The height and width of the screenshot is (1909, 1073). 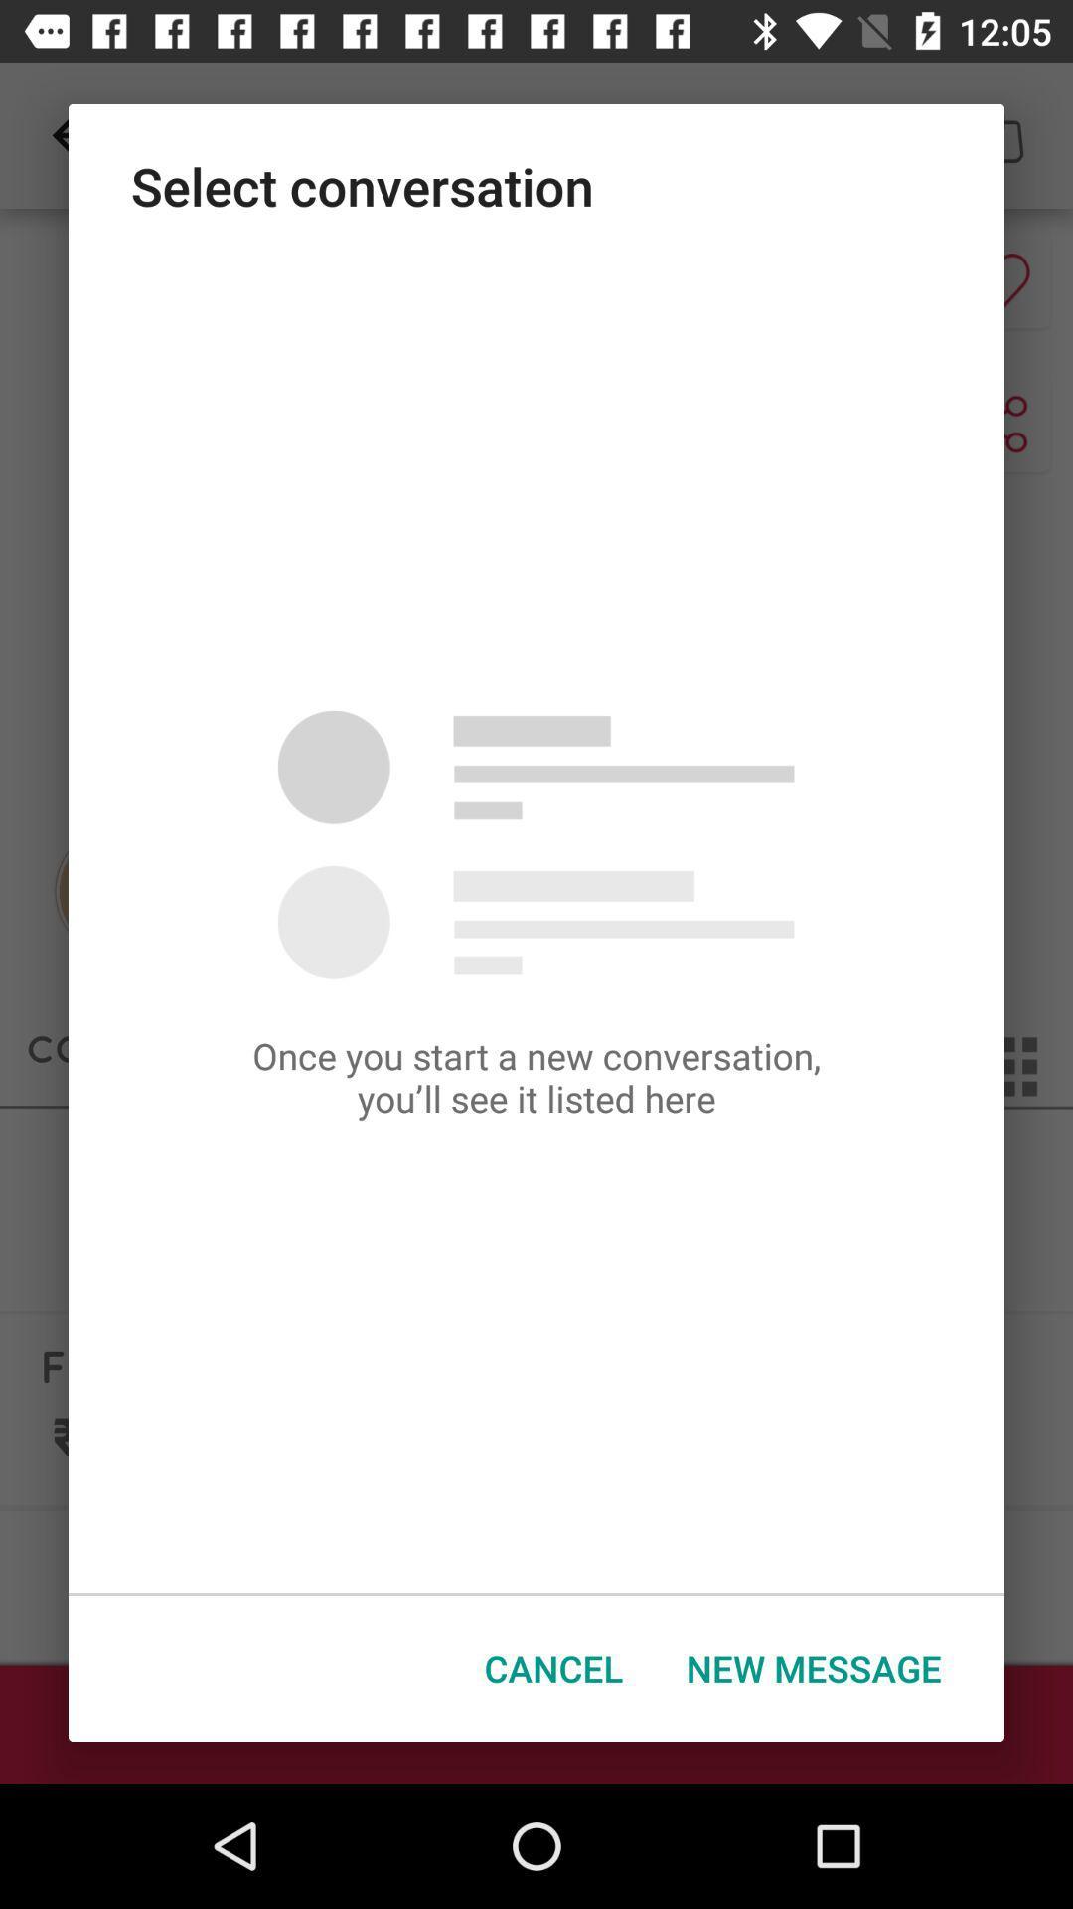 I want to click on the cancel icon, so click(x=553, y=1668).